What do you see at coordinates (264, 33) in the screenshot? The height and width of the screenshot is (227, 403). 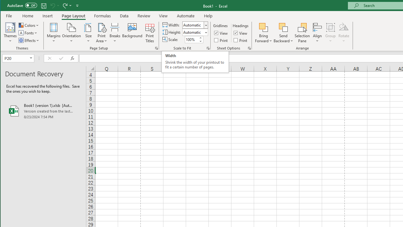 I see `'Bring Forward'` at bounding box center [264, 33].